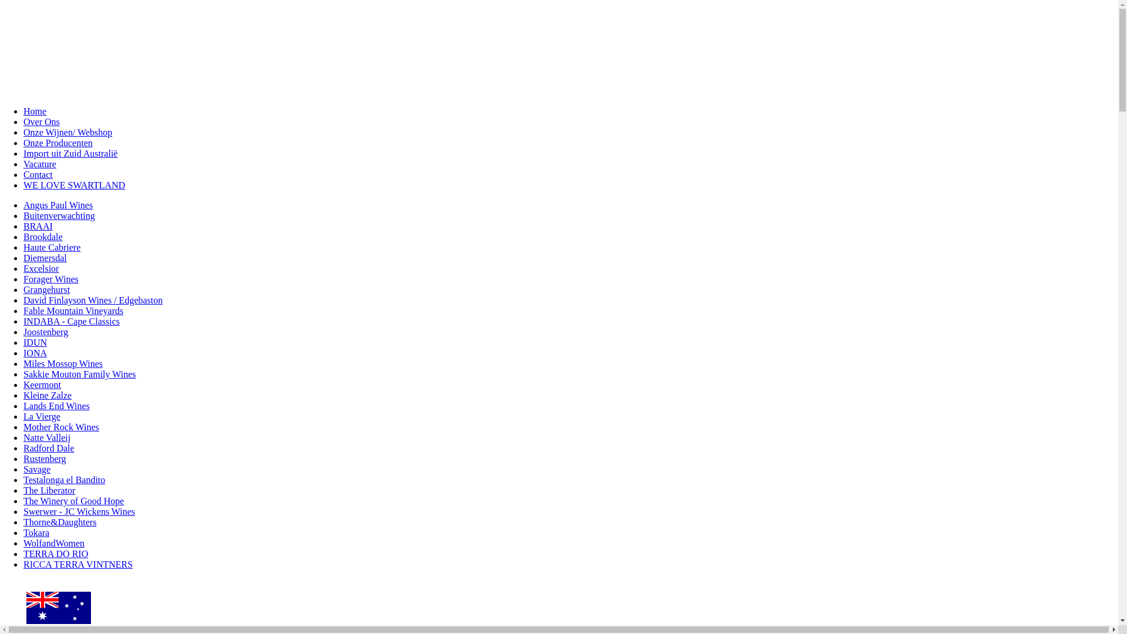 Image resolution: width=1127 pixels, height=634 pixels. What do you see at coordinates (62, 363) in the screenshot?
I see `'Miles Mossop Wines'` at bounding box center [62, 363].